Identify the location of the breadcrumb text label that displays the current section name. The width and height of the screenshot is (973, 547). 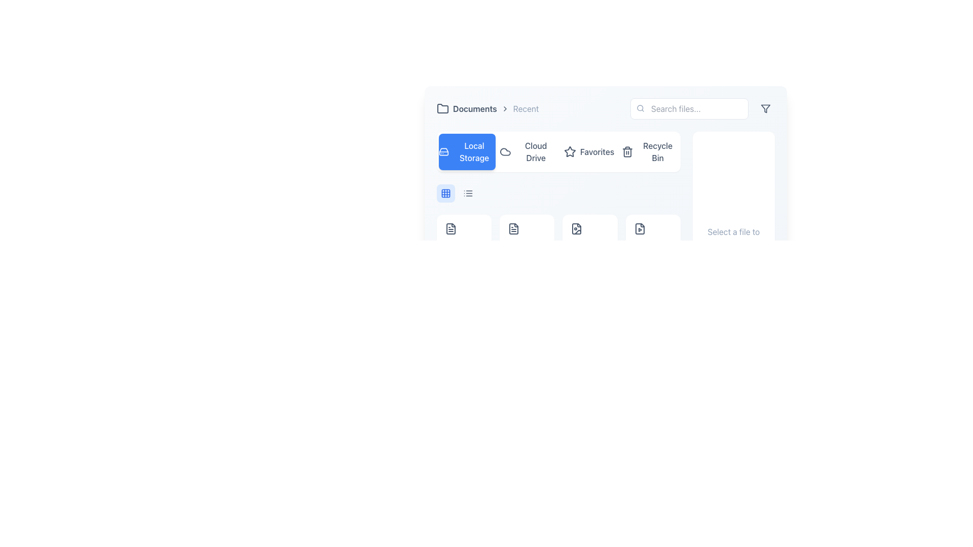
(474, 109).